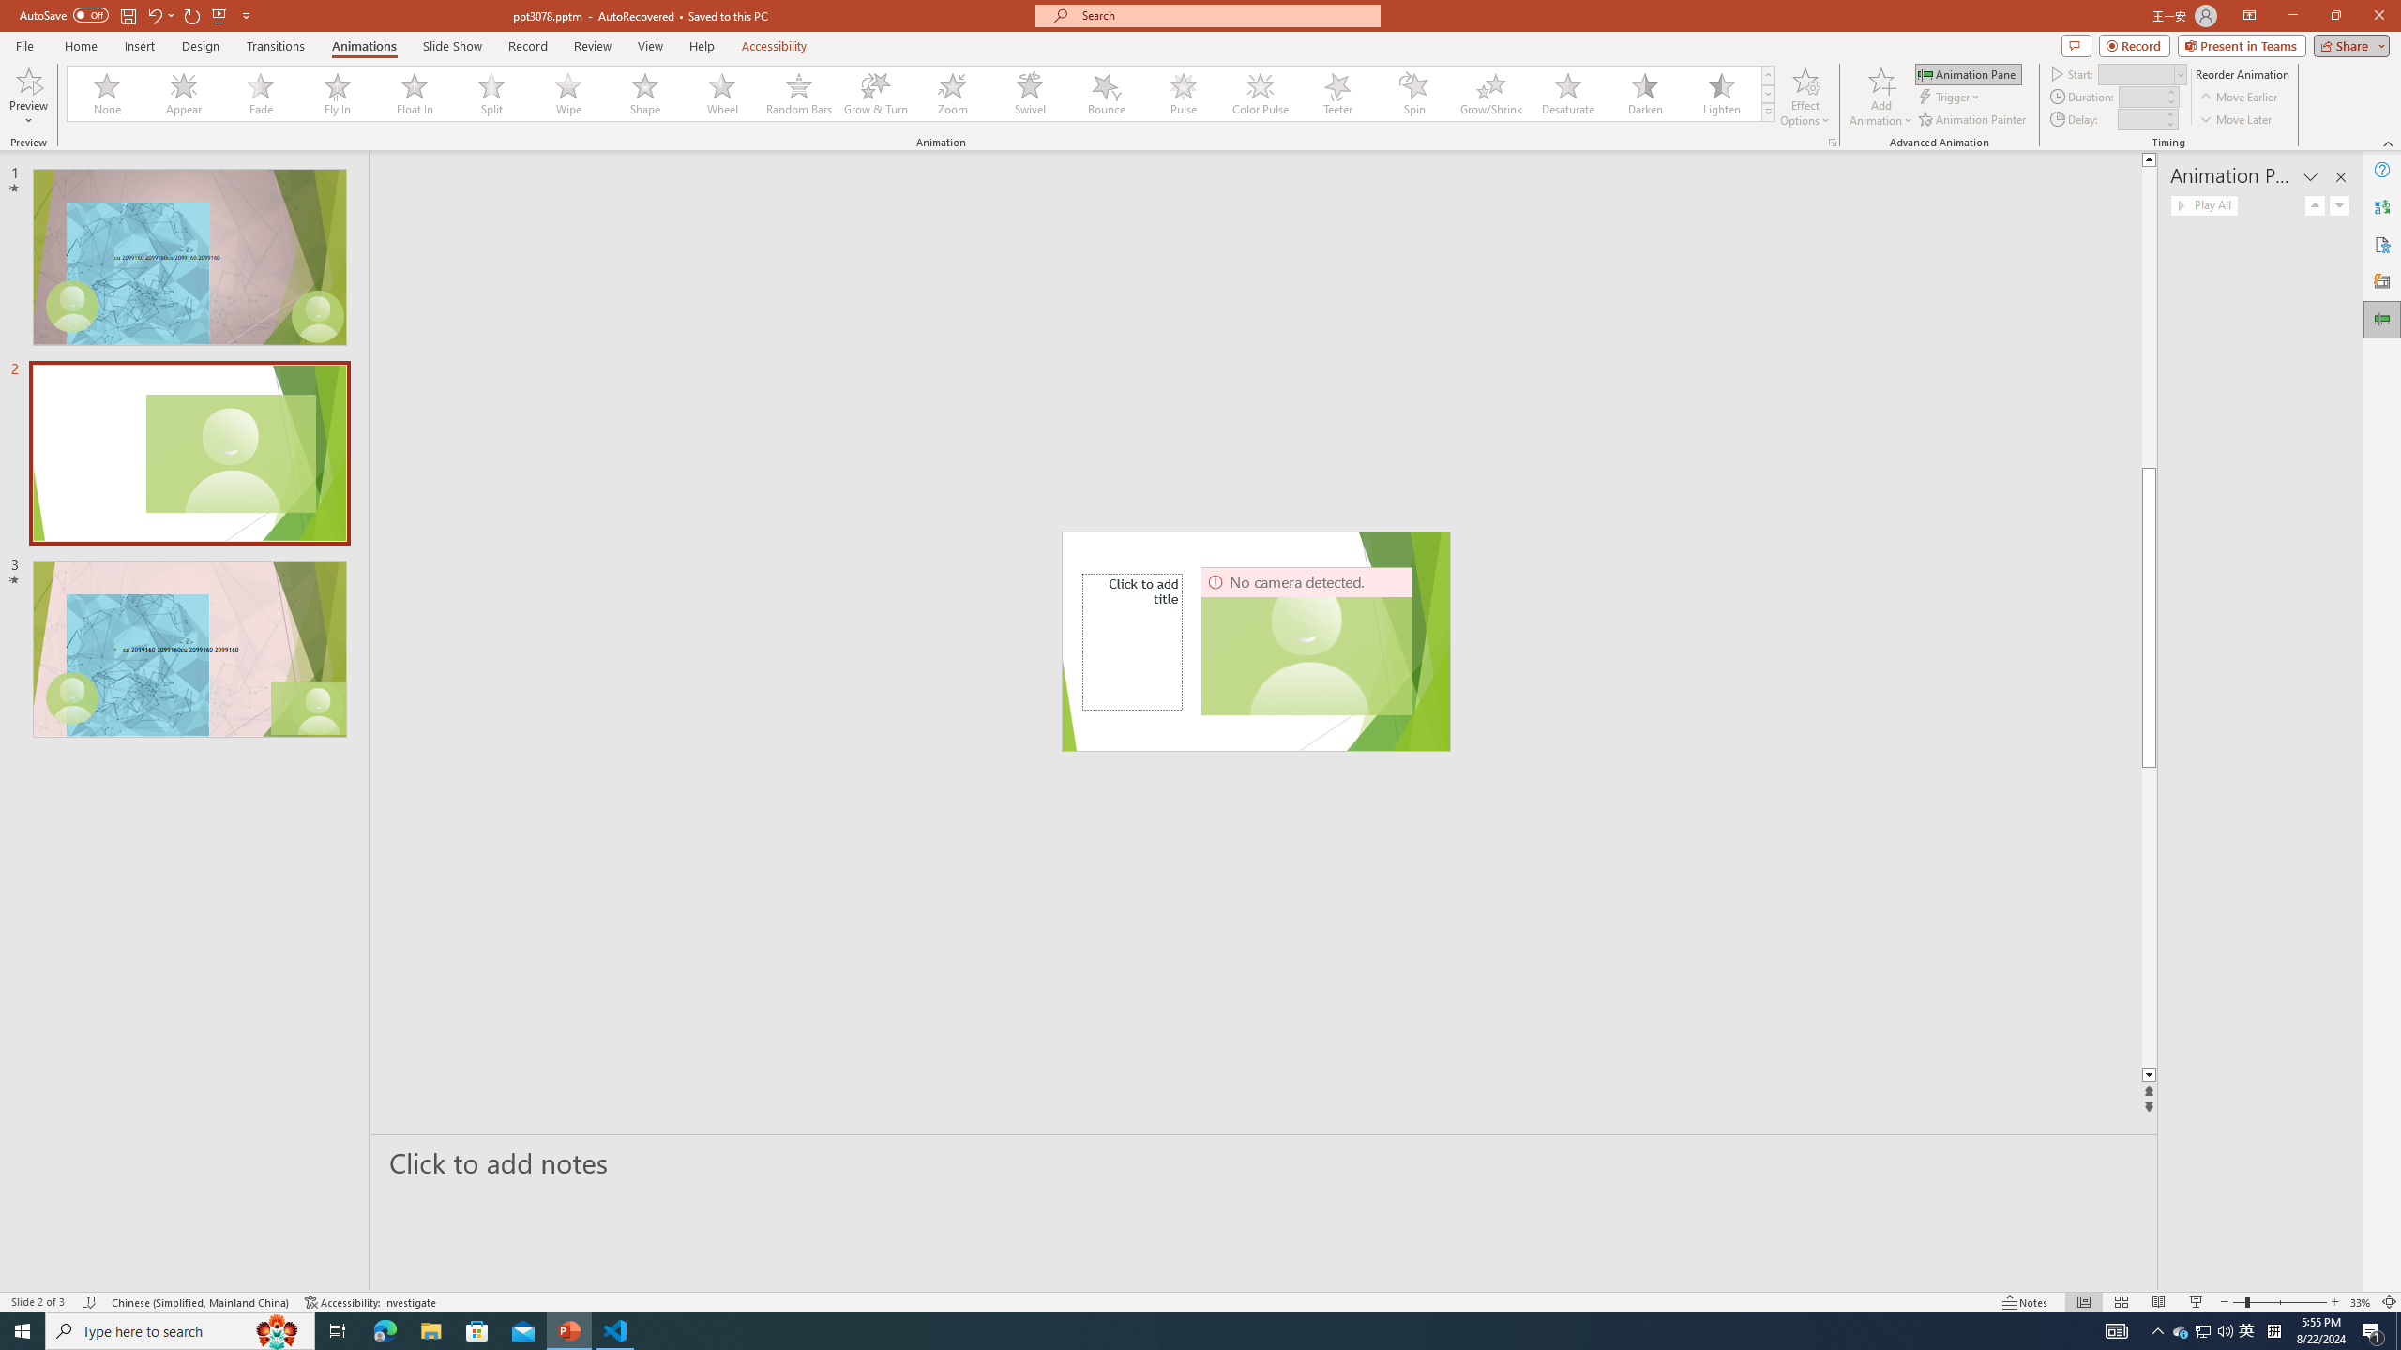  I want to click on 'Effect Options', so click(1805, 97).